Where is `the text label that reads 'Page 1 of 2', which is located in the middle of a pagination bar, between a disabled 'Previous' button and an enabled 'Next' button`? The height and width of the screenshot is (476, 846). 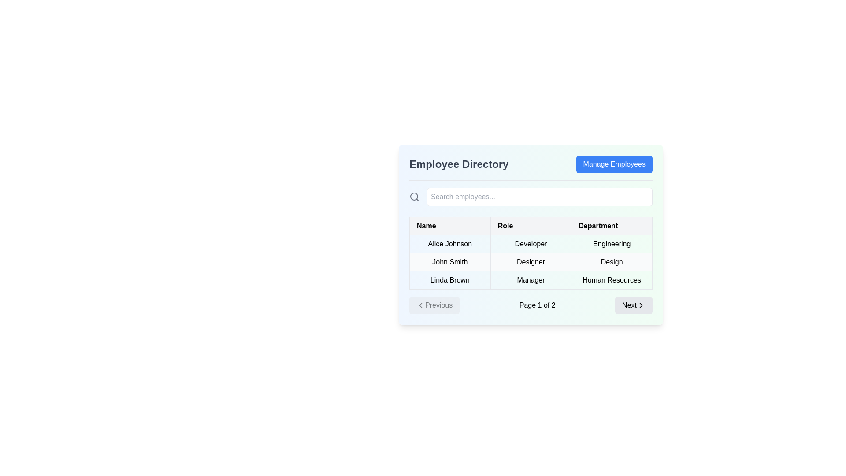
the text label that reads 'Page 1 of 2', which is located in the middle of a pagination bar, between a disabled 'Previous' button and an enabled 'Next' button is located at coordinates (537, 305).